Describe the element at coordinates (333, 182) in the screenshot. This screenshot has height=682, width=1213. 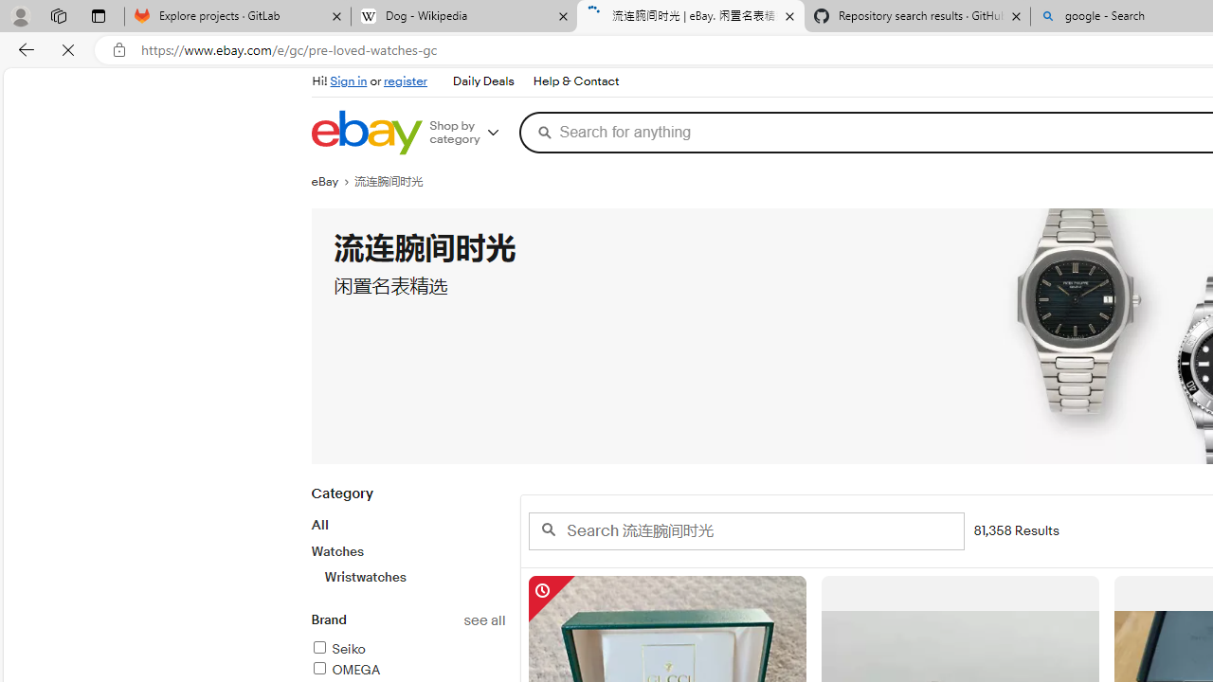
I see `'eBay'` at that location.